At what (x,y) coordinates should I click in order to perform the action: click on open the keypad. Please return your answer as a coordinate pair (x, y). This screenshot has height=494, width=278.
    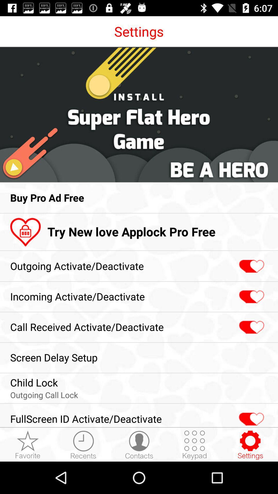
    Looking at the image, I should click on (195, 445).